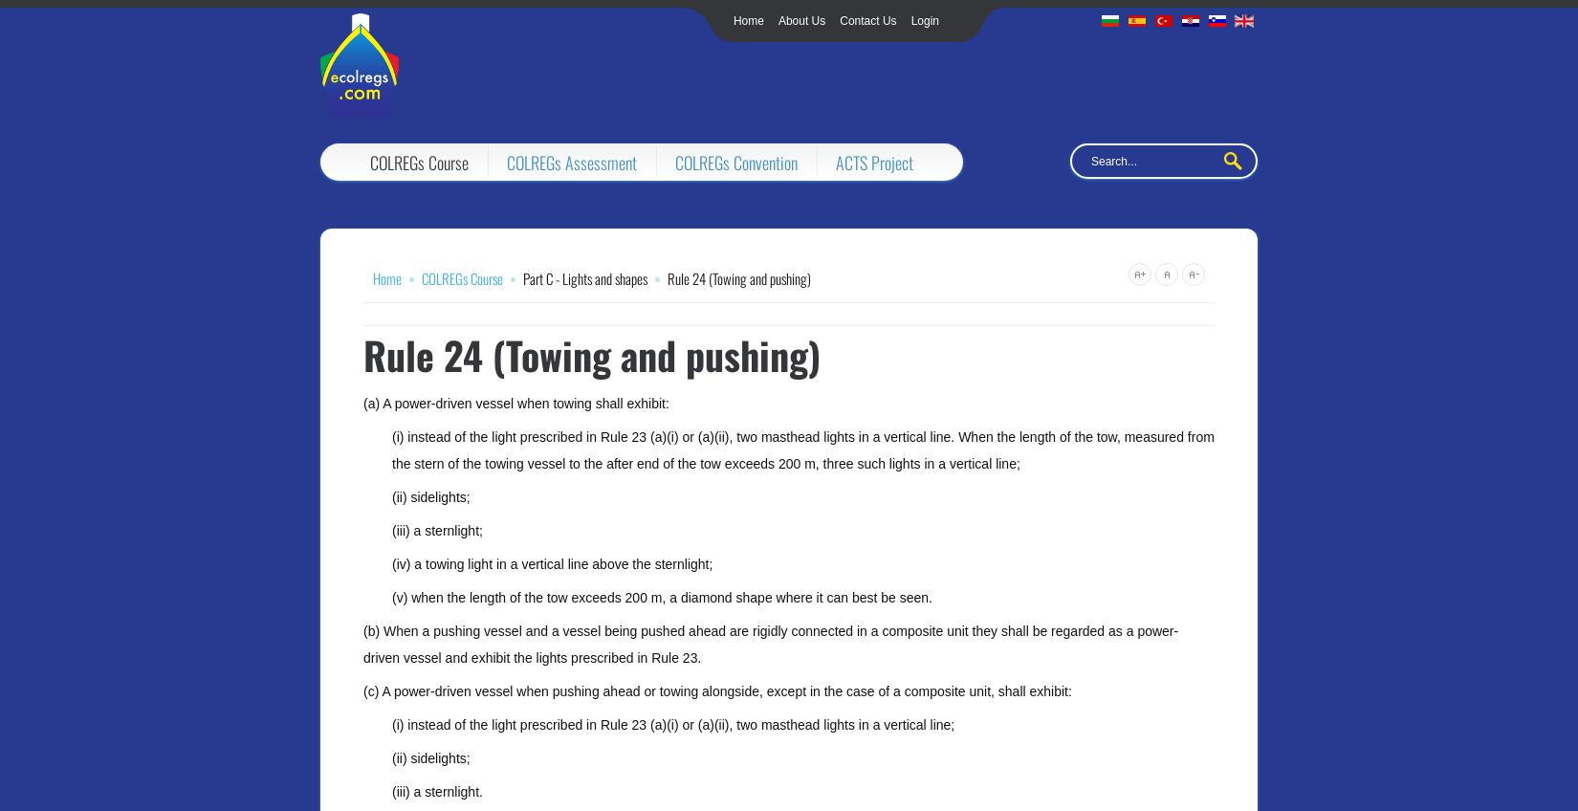  Describe the element at coordinates (570, 163) in the screenshot. I see `'COLREGs Assessment'` at that location.